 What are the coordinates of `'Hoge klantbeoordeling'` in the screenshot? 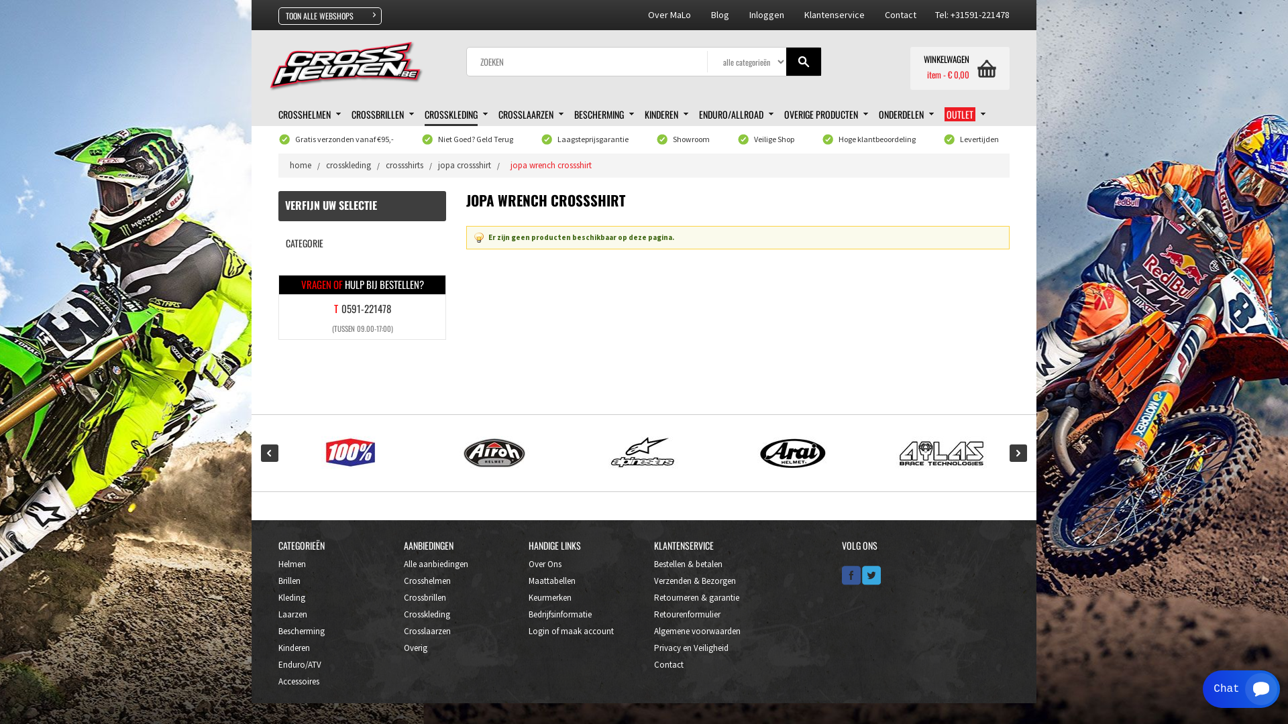 It's located at (837, 139).